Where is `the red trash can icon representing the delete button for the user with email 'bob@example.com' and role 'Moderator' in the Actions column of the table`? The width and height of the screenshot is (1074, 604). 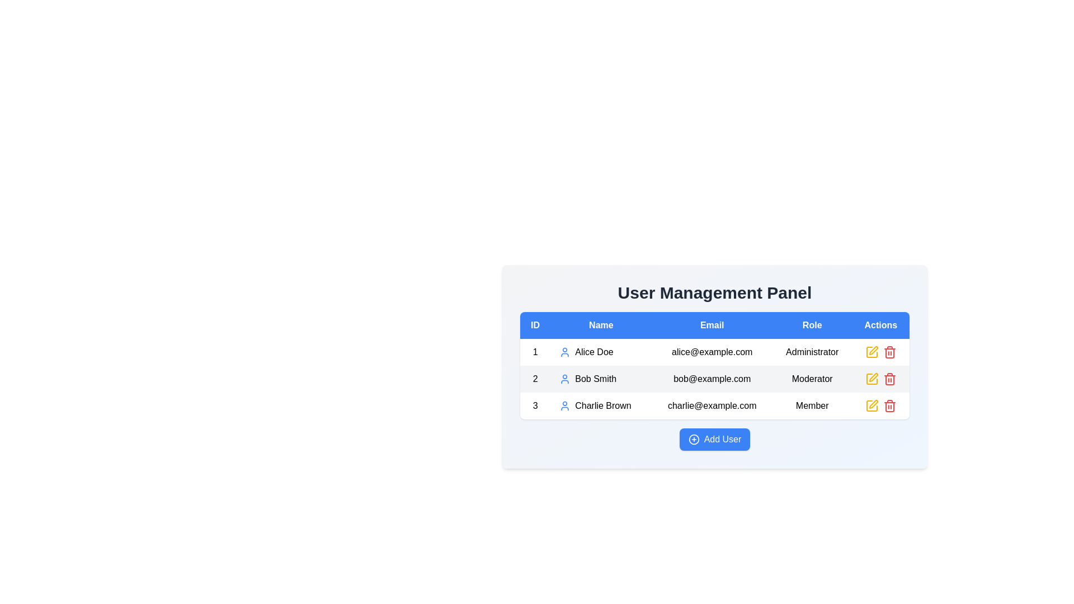
the red trash can icon representing the delete button for the user with email 'bob@example.com' and role 'Moderator' in the Actions column of the table is located at coordinates (880, 379).